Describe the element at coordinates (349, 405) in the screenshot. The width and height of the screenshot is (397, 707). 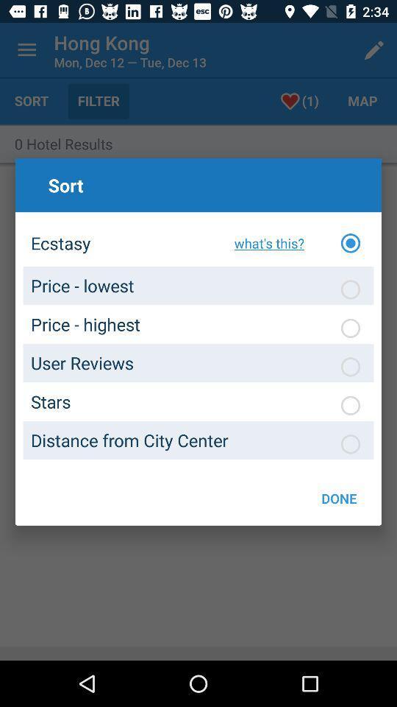
I see `sort by number of stars` at that location.